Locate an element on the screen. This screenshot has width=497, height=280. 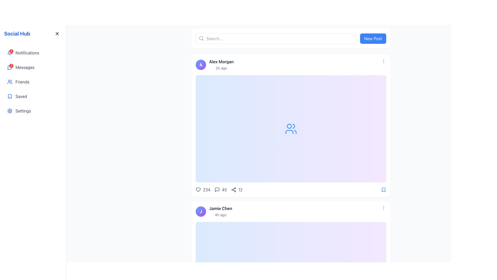
the informational Text label that shows the time elapsed since the user's action, located to the right of 'Alex Morgan' in the header section of the social media post is located at coordinates (221, 68).